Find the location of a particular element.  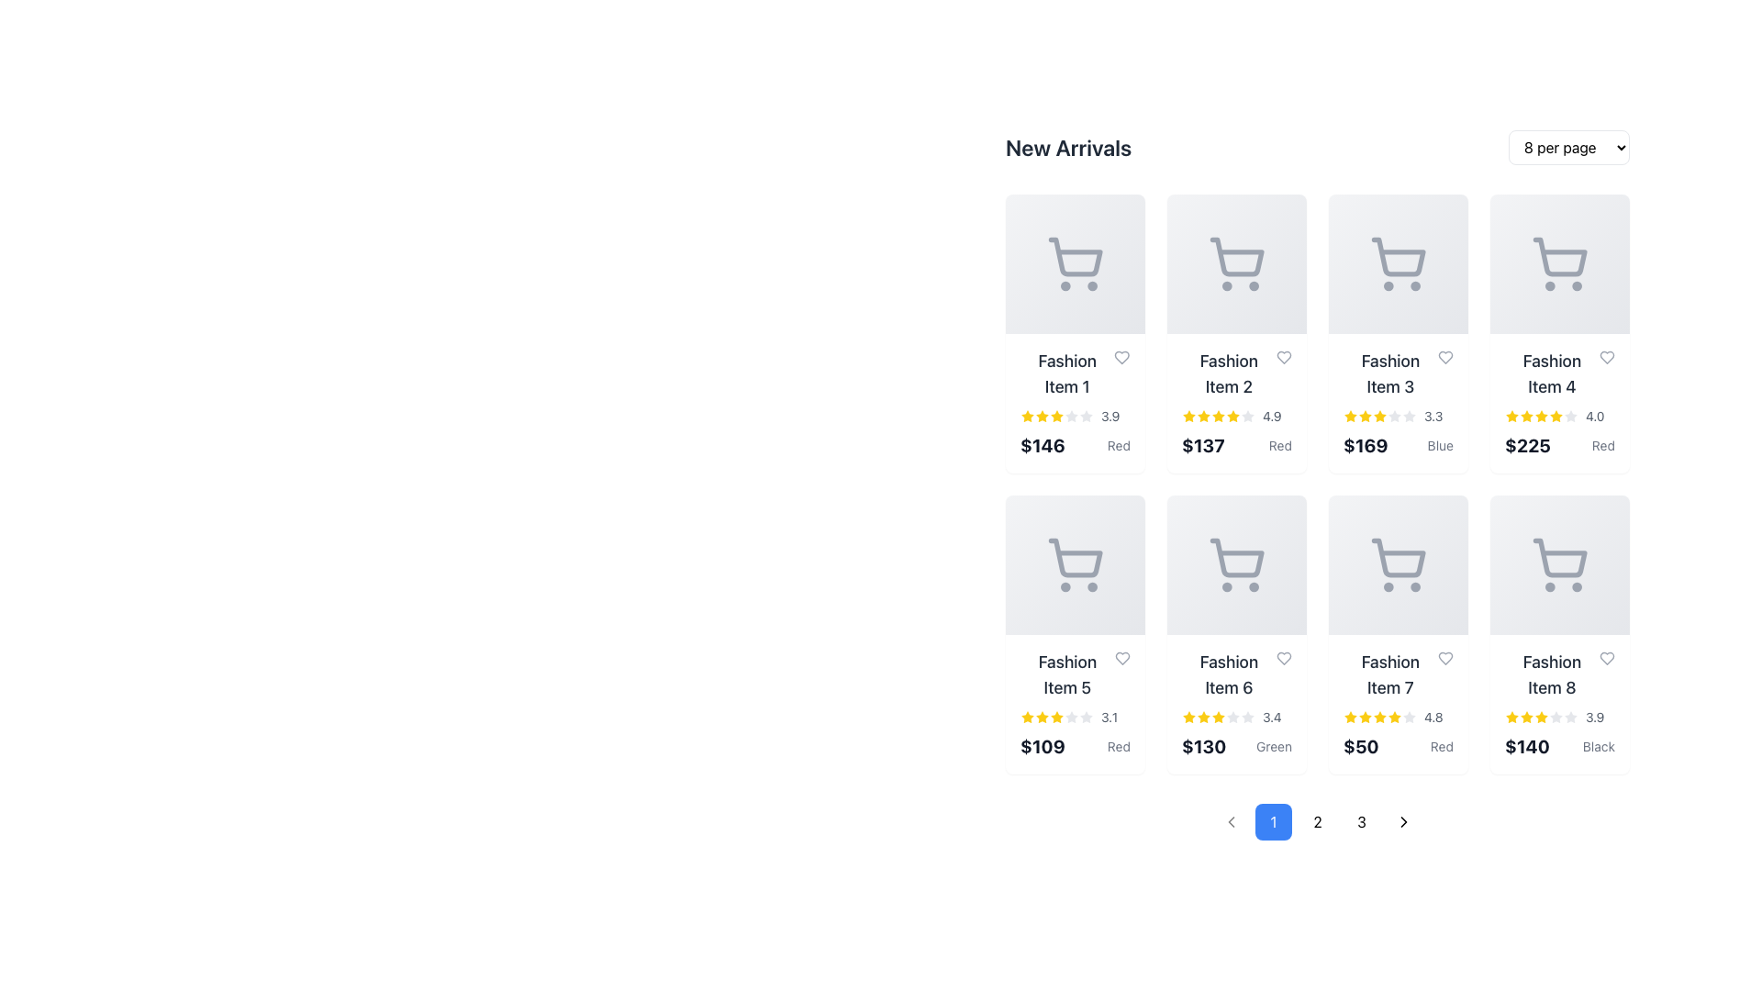

the fourth star icon in the second row of the five-star rating for 'Fashion Item 7' to indicate the product's quality score is located at coordinates (1378, 715).